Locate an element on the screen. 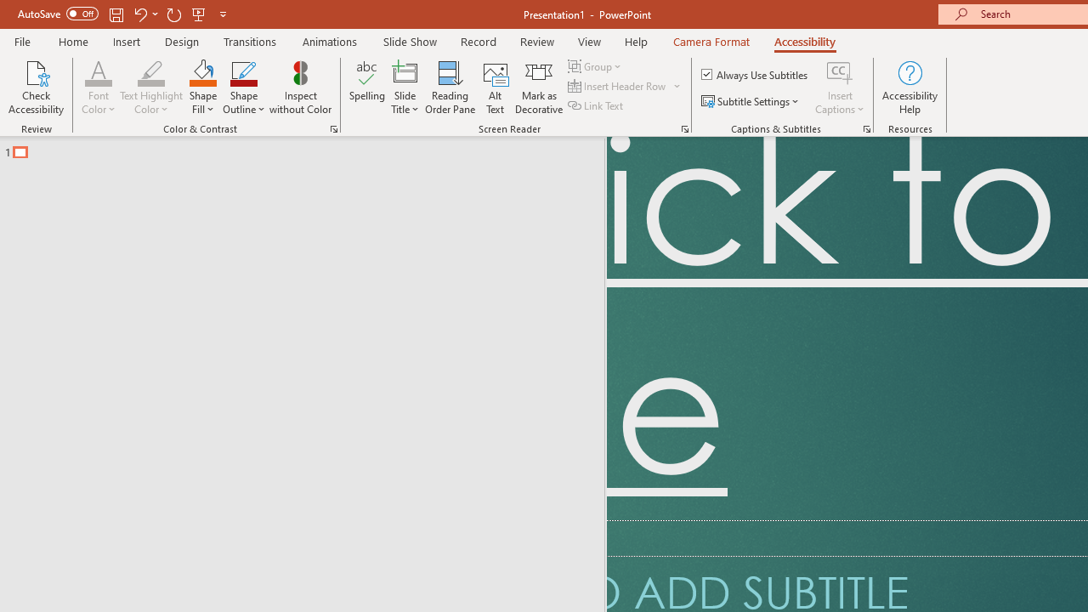  'Always Use Subtitles' is located at coordinates (755, 73).